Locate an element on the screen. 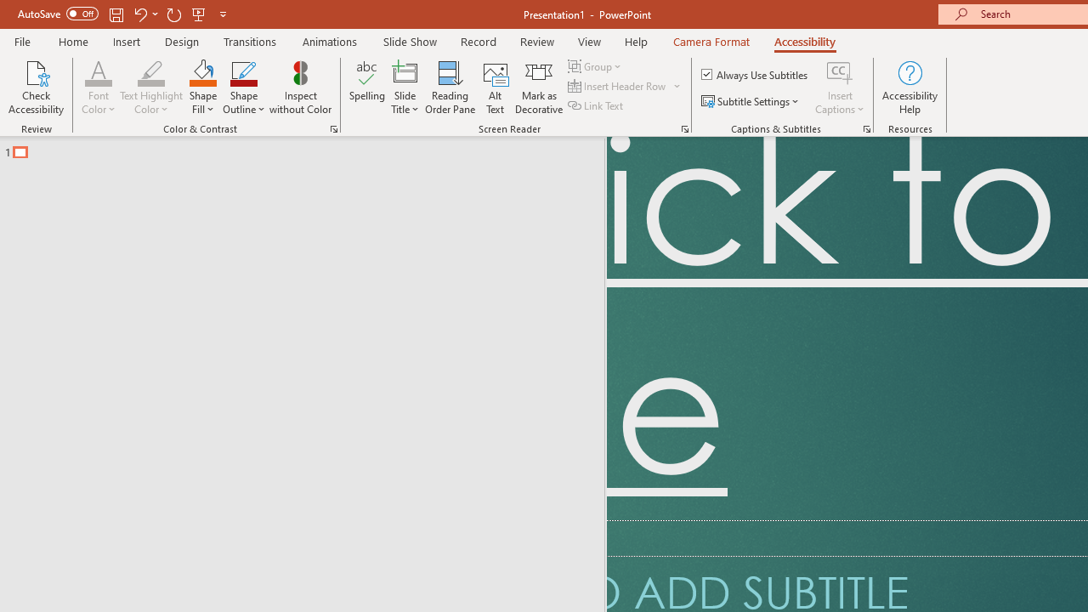  'Always Use Subtitles' is located at coordinates (755, 73).